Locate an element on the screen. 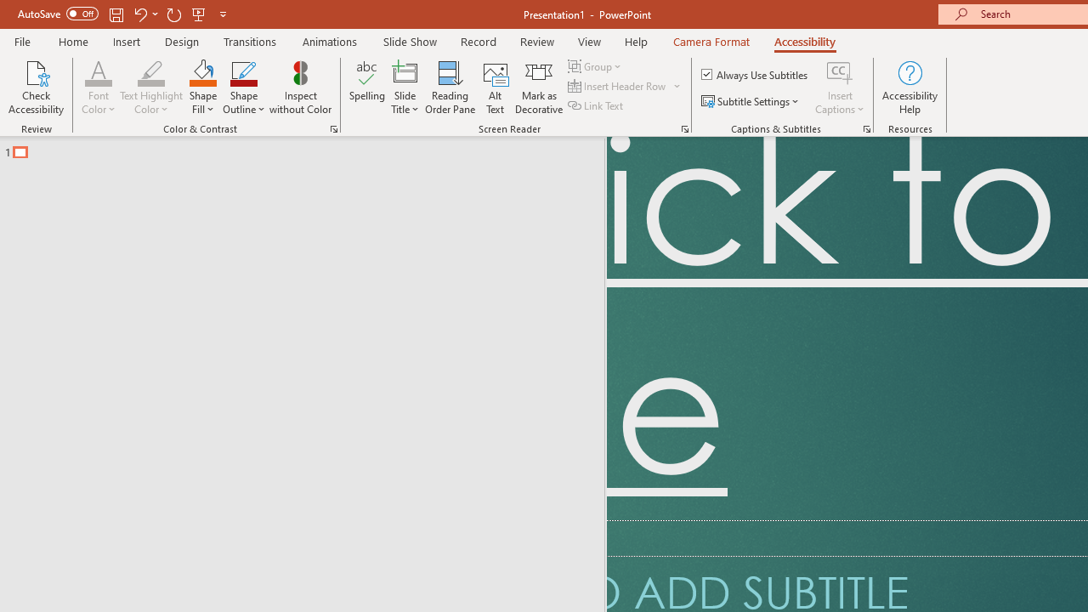  'Always Use Subtitles' is located at coordinates (755, 73).